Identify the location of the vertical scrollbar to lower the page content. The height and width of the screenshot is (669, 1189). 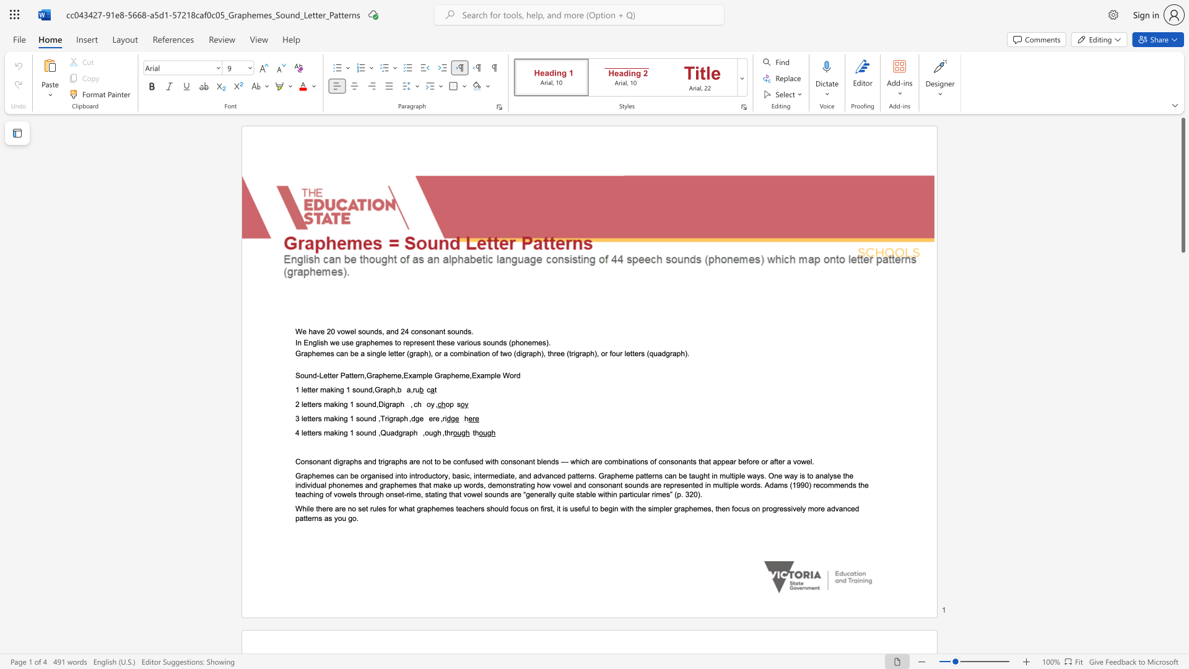
(1182, 271).